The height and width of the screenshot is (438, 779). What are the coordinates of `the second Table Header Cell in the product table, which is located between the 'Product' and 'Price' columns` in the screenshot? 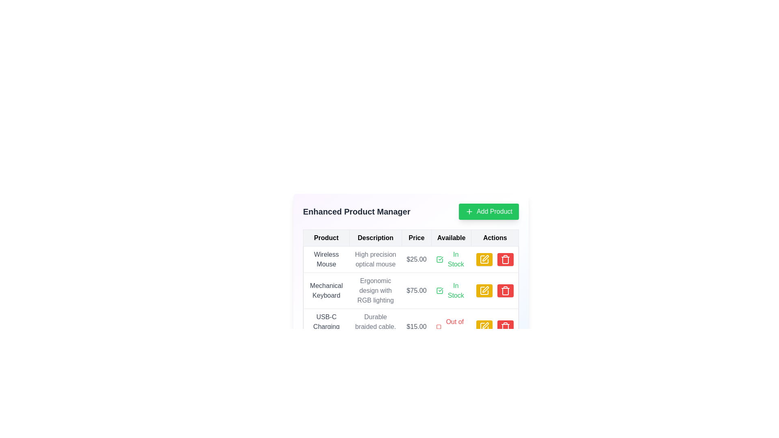 It's located at (375, 237).